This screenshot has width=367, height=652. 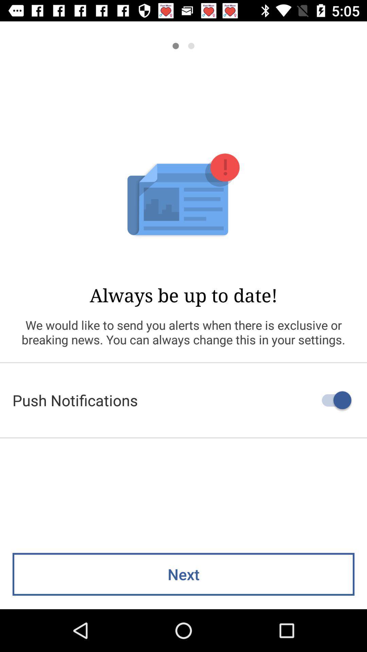 What do you see at coordinates (183, 574) in the screenshot?
I see `the next icon` at bounding box center [183, 574].